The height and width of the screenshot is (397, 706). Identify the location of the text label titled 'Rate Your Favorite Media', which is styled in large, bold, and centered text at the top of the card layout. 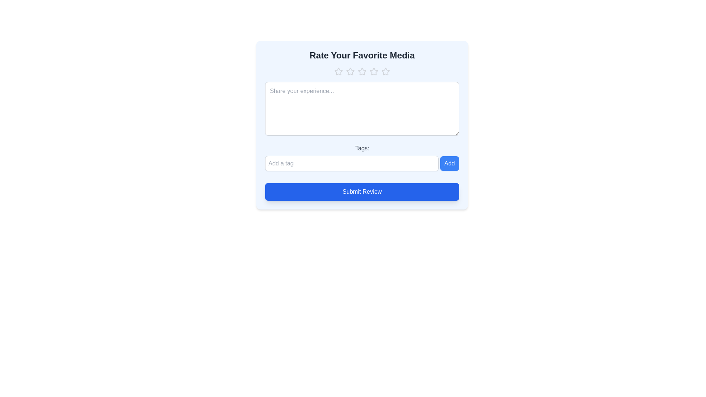
(362, 55).